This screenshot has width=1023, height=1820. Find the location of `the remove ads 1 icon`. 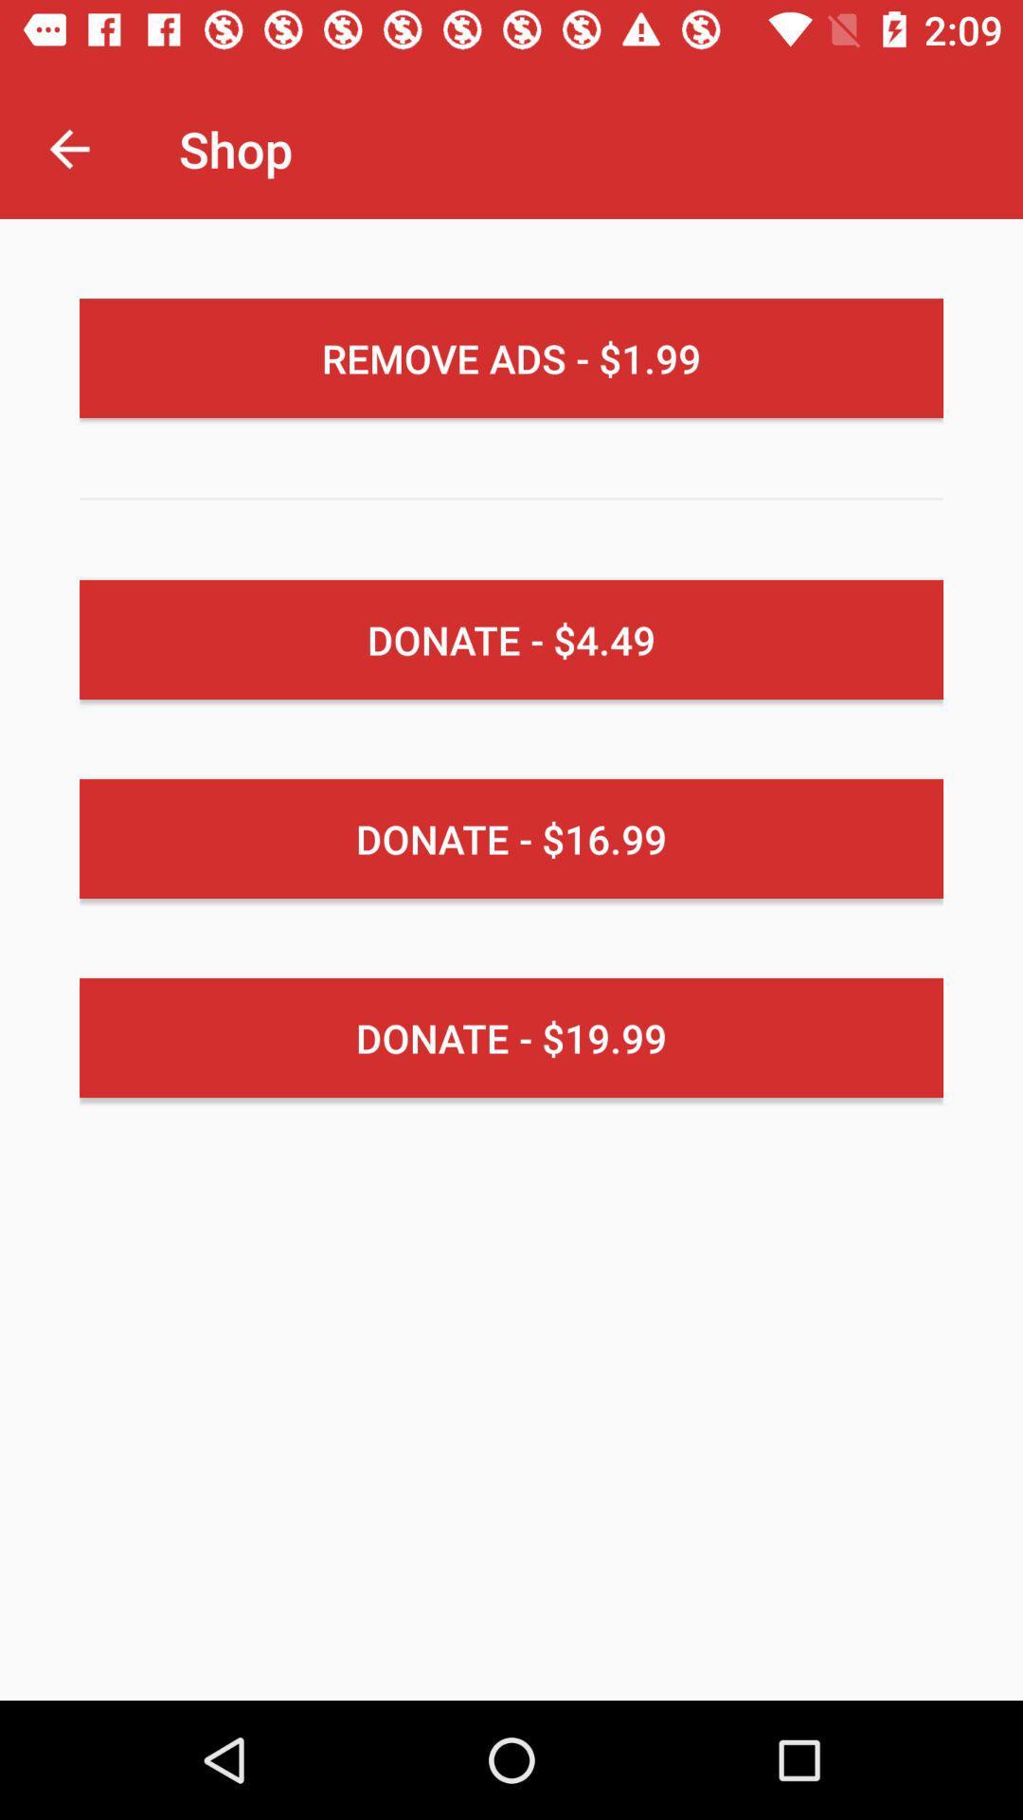

the remove ads 1 icon is located at coordinates (511, 358).